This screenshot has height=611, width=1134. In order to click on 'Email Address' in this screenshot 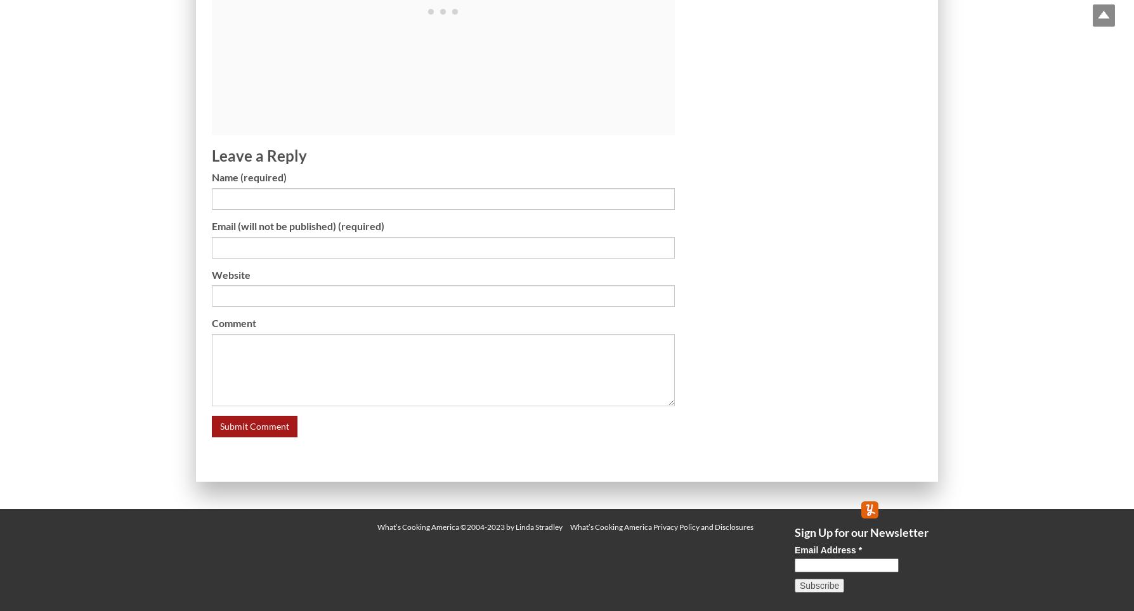, I will do `click(825, 550)`.